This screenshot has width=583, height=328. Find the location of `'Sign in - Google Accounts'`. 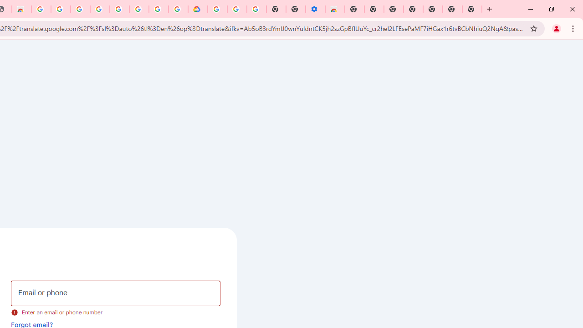

'Sign in - Google Accounts' is located at coordinates (80, 9).